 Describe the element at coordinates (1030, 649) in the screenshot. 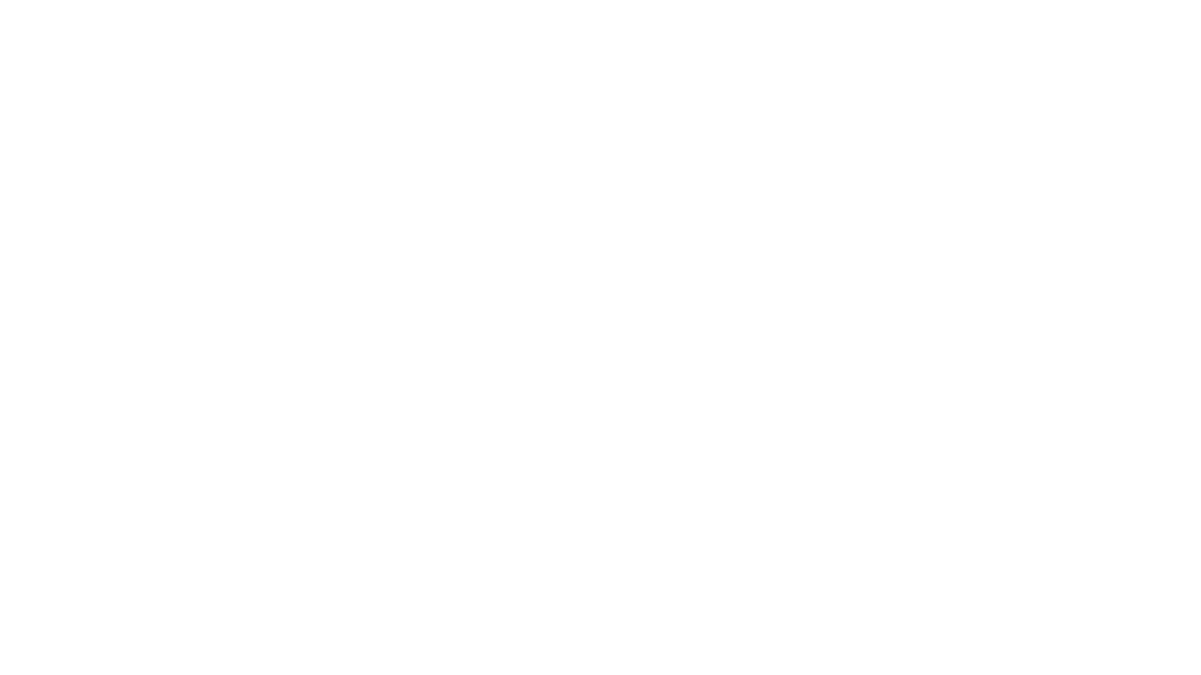

I see `Repeat all tracks in list` at that location.